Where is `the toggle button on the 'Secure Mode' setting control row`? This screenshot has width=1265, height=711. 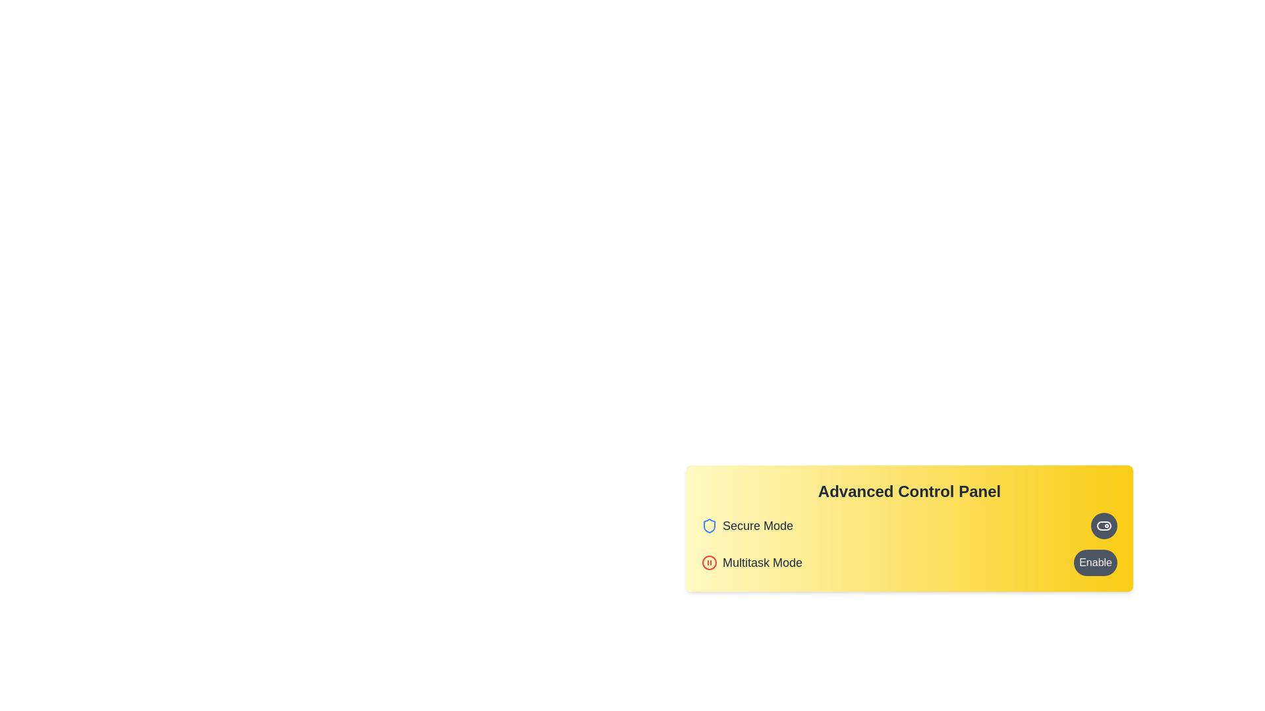 the toggle button on the 'Secure Mode' setting control row is located at coordinates (909, 525).